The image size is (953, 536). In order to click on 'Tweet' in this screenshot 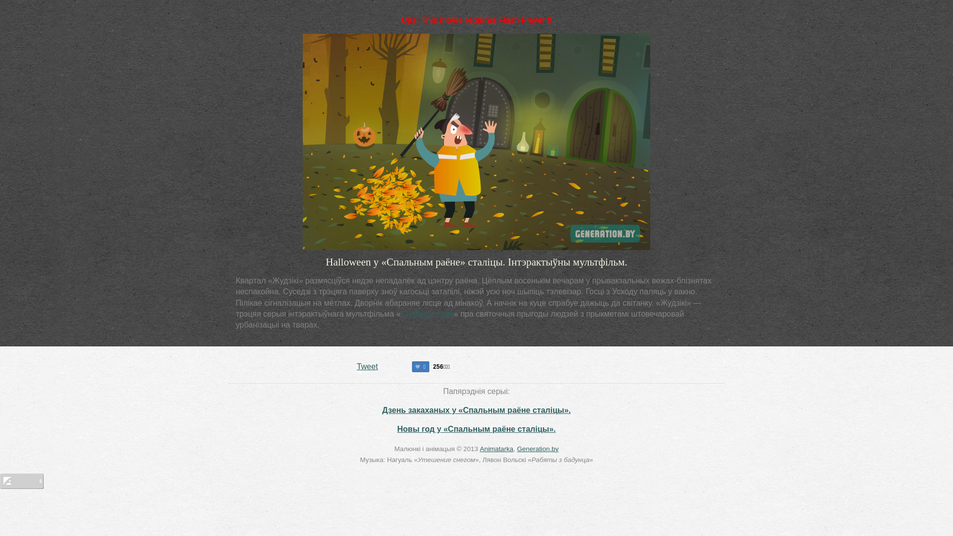, I will do `click(357, 366)`.